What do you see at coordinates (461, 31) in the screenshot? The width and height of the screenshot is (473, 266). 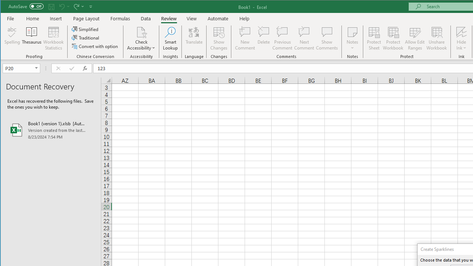 I see `'Hide Ink'` at bounding box center [461, 31].